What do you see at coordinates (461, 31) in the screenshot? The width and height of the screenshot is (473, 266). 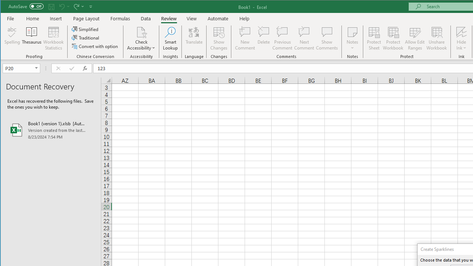 I see `'Hide Ink'` at bounding box center [461, 31].